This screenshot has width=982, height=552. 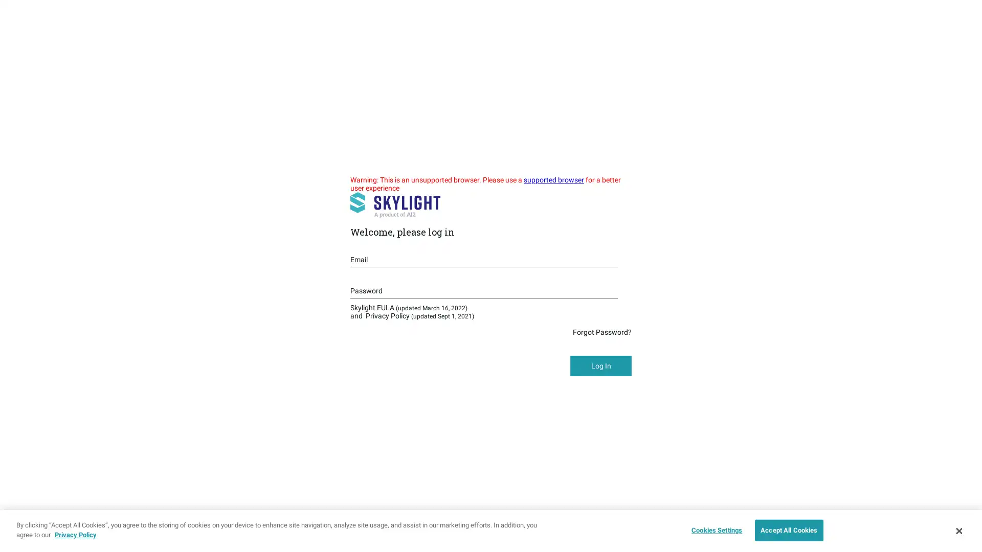 I want to click on Accept All Cookies, so click(x=788, y=530).